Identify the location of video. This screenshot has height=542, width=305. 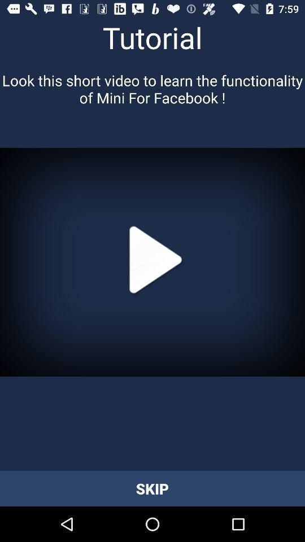
(152, 262).